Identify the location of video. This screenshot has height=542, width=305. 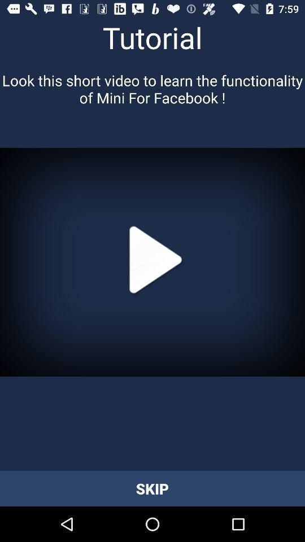
(152, 262).